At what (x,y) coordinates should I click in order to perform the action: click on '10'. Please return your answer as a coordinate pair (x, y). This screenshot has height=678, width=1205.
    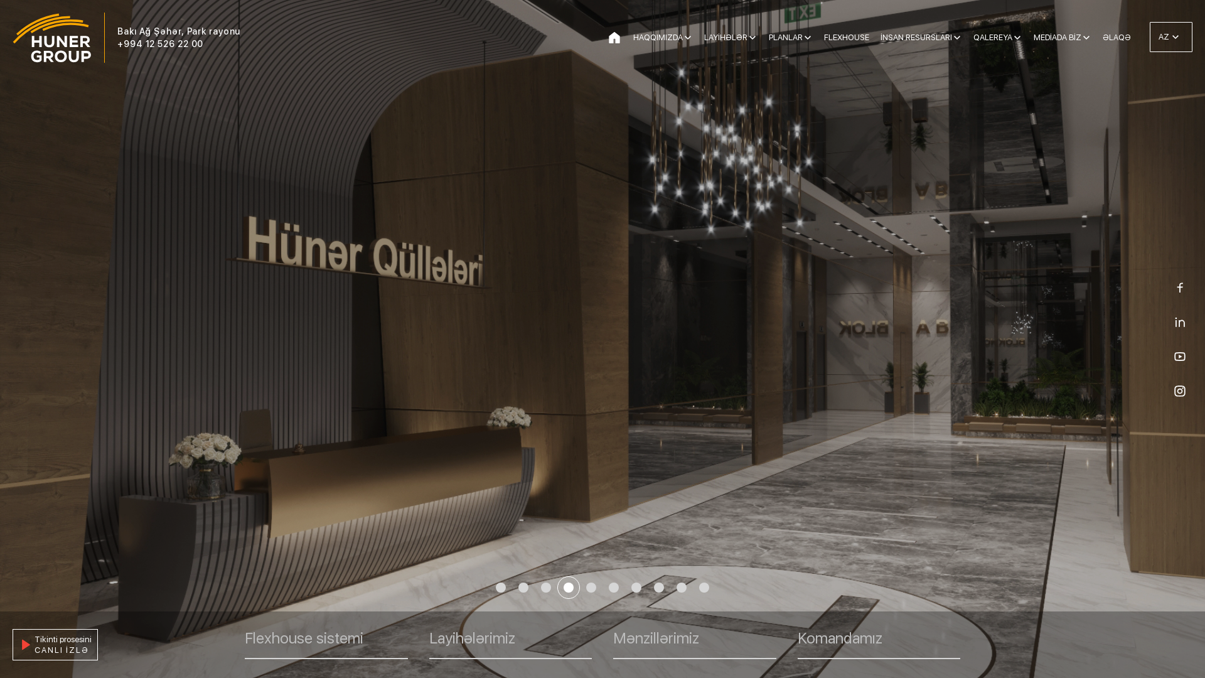
    Looking at the image, I should click on (704, 588).